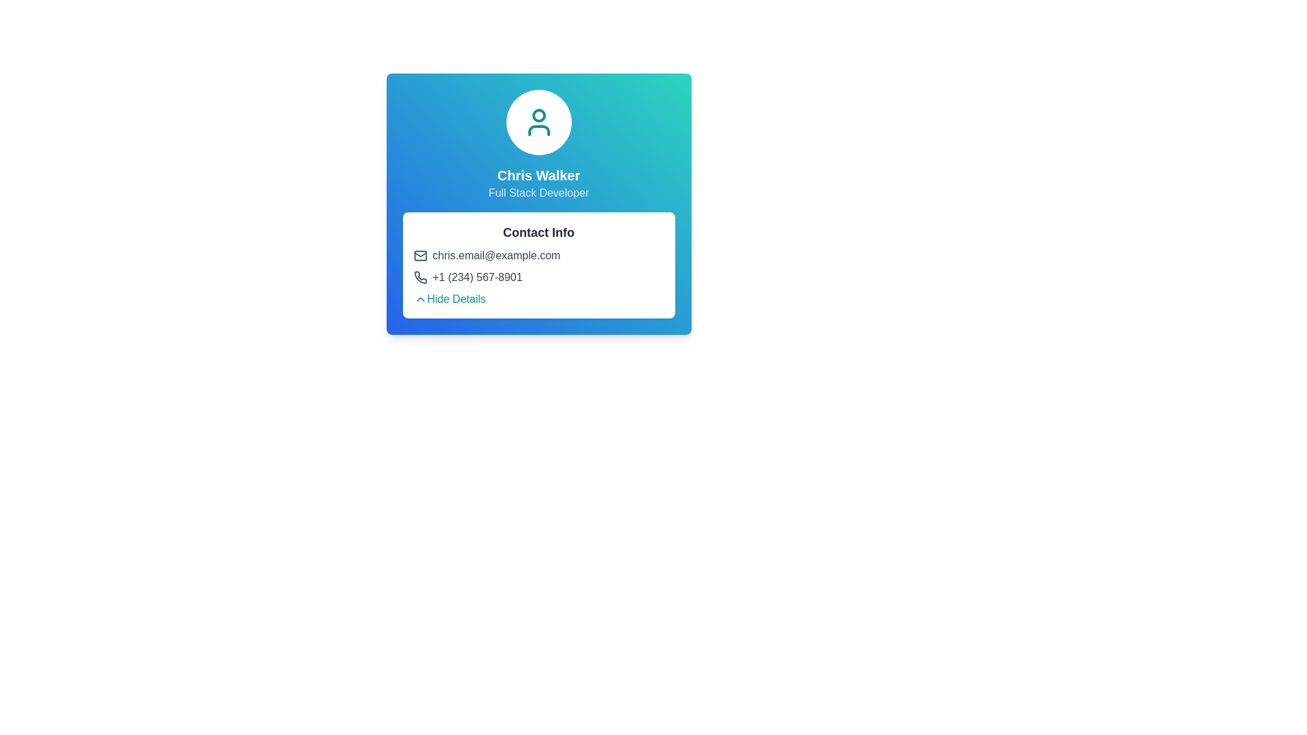  Describe the element at coordinates (538, 175) in the screenshot. I see `the Label/Text Display showing 'Chris Walker' in bold white font, located within a blue gradient panel, positioned below a circular user icon and above the subtitle 'Full Stack Developer'` at that location.